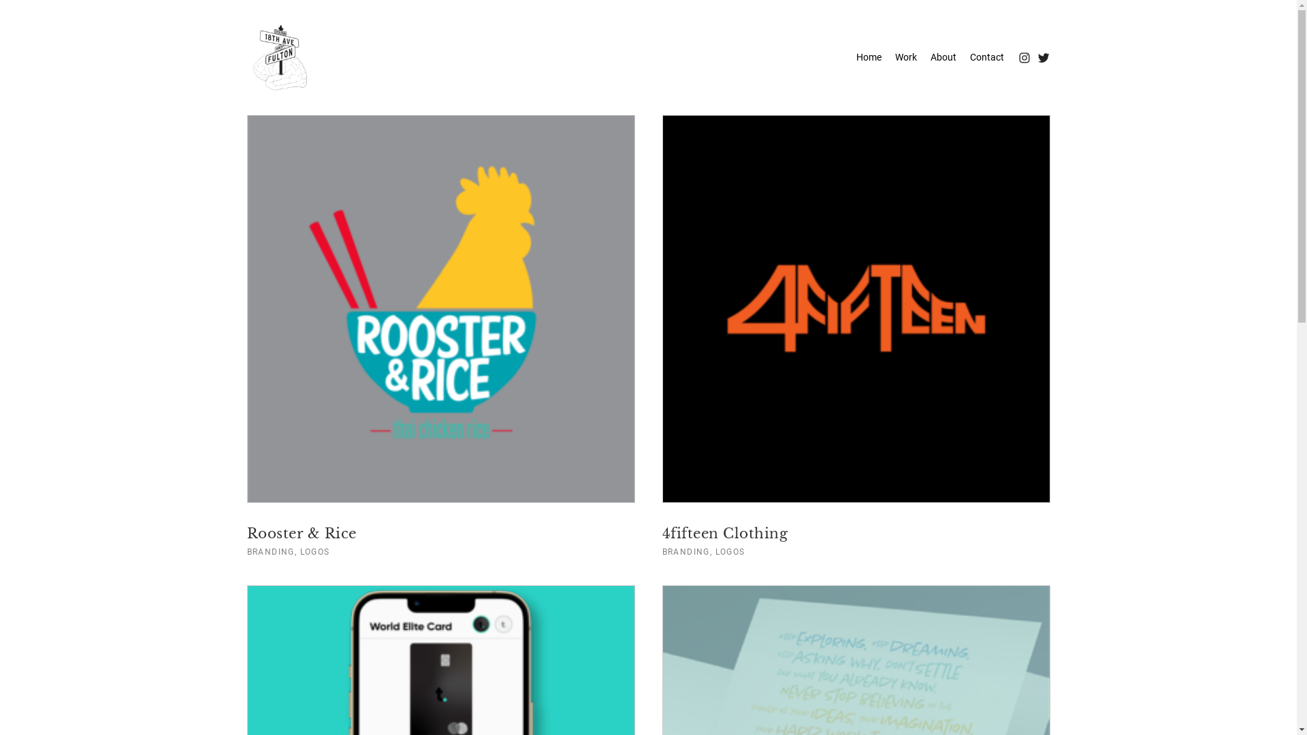 The width and height of the screenshot is (1307, 735). What do you see at coordinates (730, 551) in the screenshot?
I see `'LOGOS'` at bounding box center [730, 551].